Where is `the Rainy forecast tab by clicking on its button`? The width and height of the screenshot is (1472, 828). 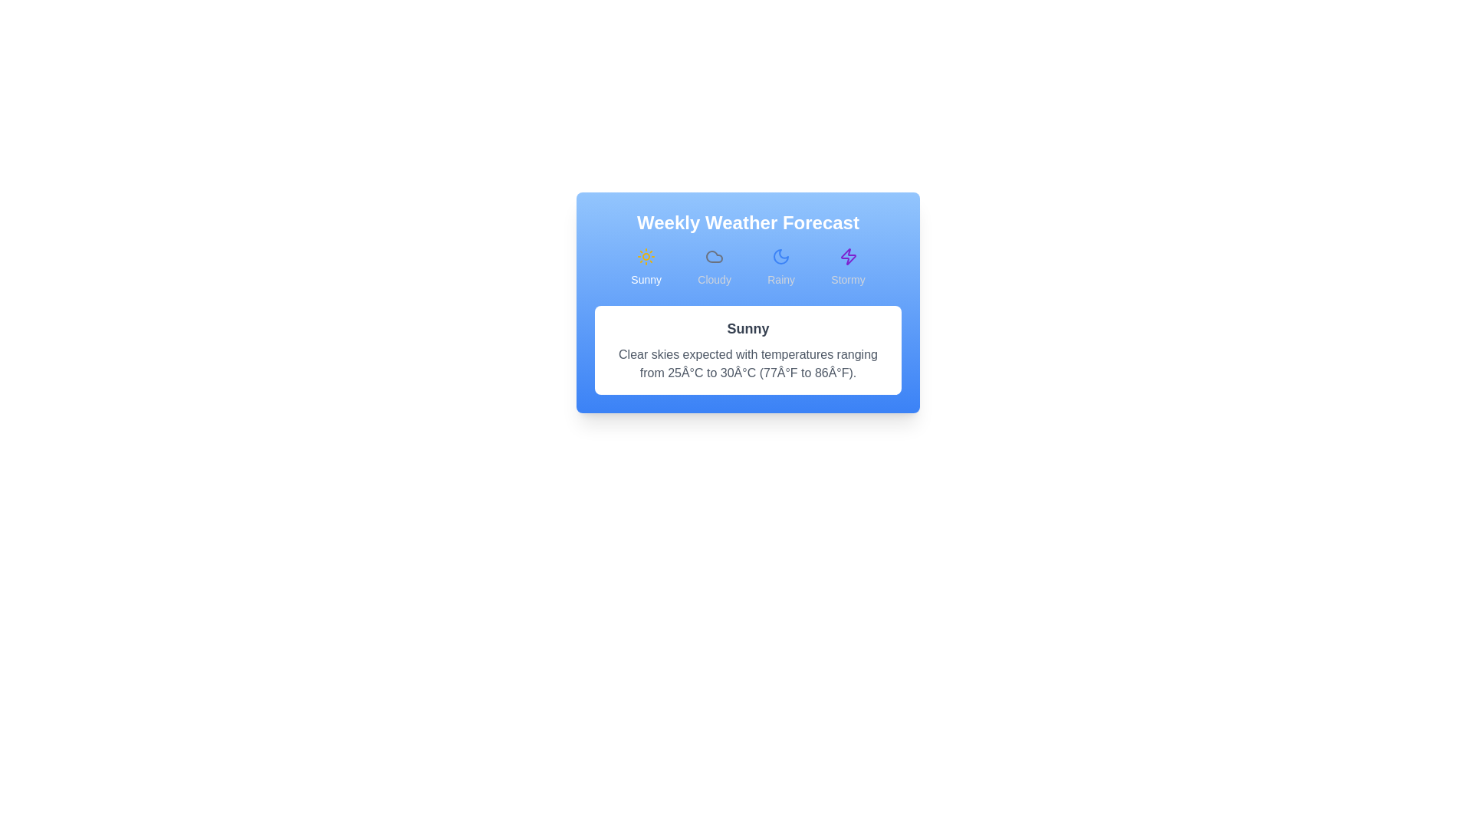 the Rainy forecast tab by clicking on its button is located at coordinates (781, 266).